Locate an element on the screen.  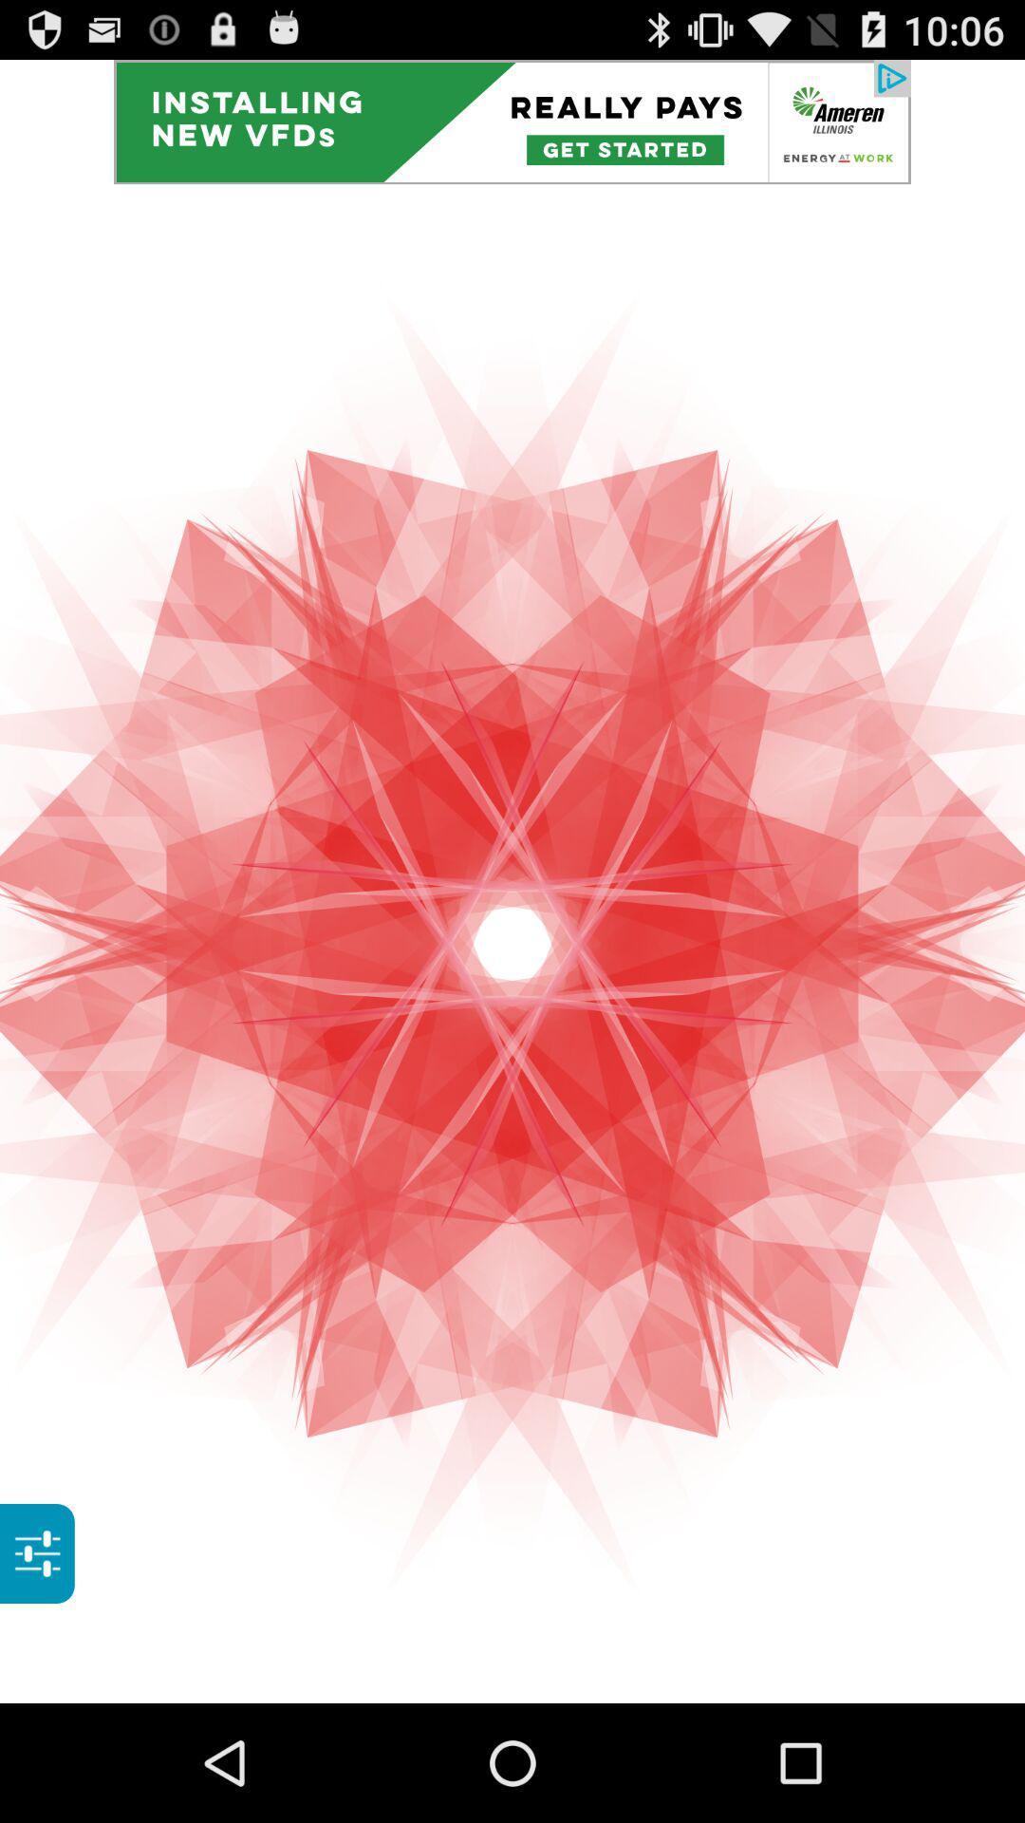
app advertisement is located at coordinates (512, 121).